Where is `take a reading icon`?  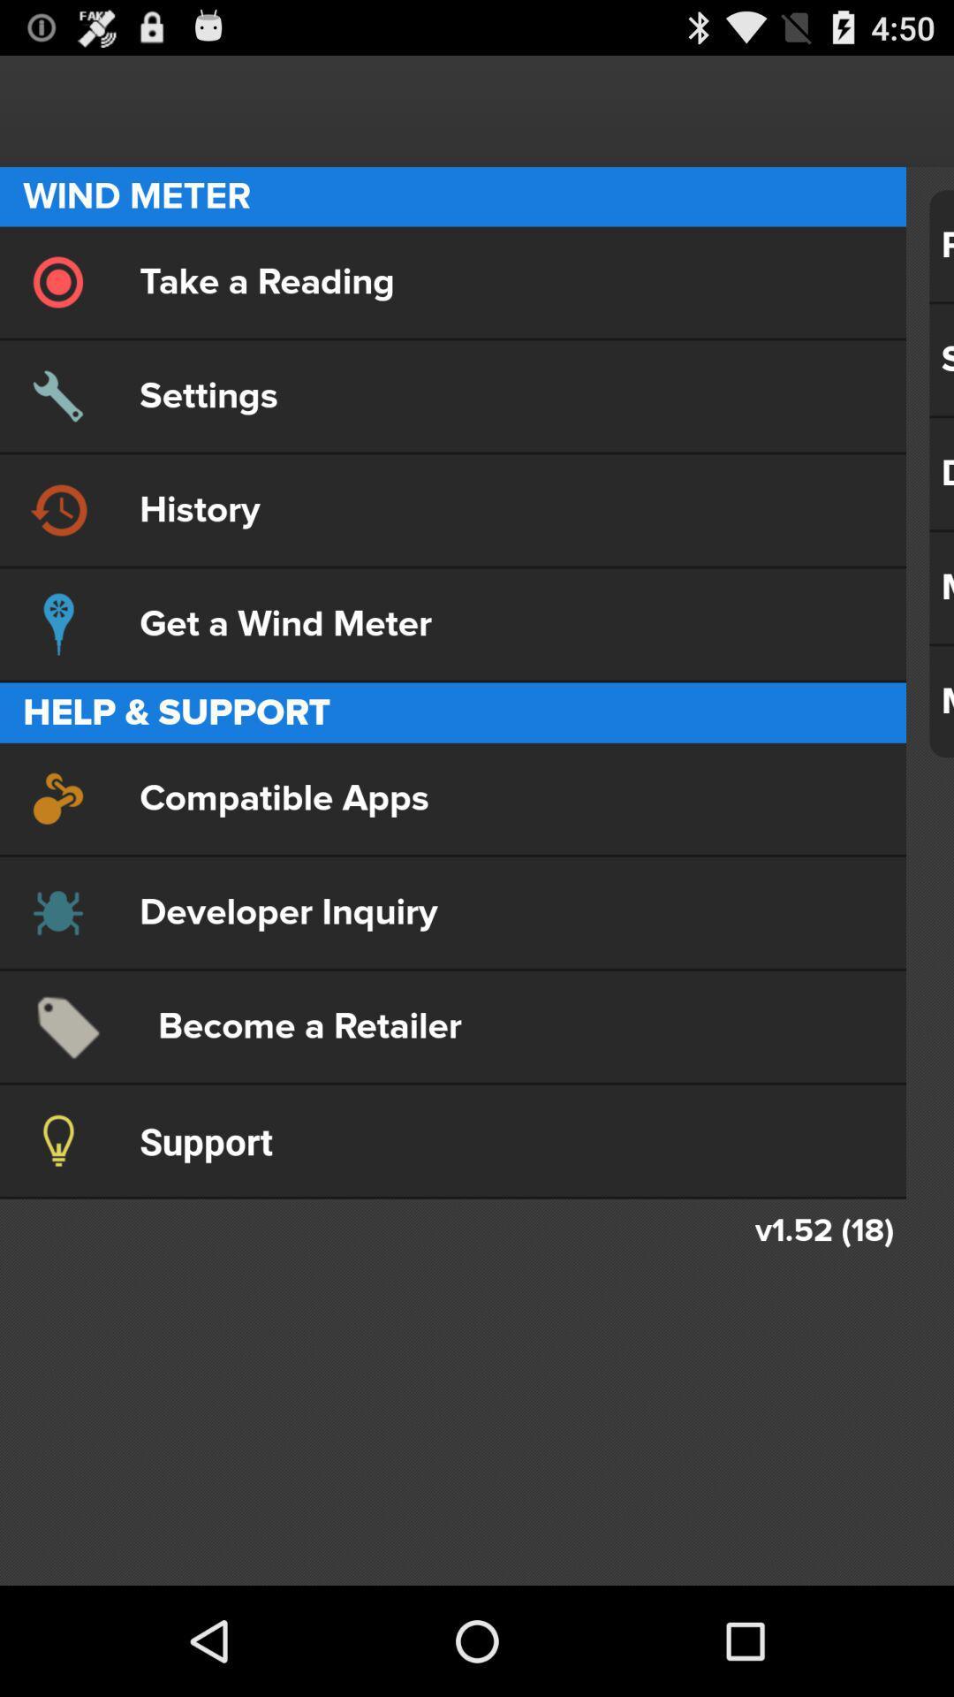
take a reading icon is located at coordinates (452, 281).